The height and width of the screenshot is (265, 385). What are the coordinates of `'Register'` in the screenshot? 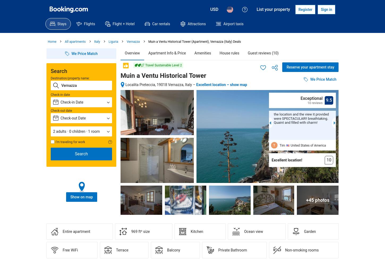 It's located at (298, 10).